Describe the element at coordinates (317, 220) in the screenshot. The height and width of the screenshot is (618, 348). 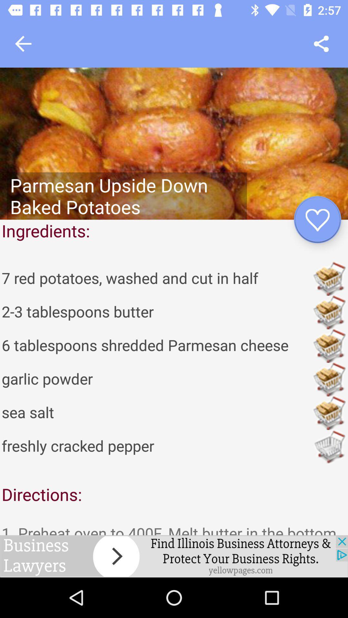
I see `love symbol` at that location.